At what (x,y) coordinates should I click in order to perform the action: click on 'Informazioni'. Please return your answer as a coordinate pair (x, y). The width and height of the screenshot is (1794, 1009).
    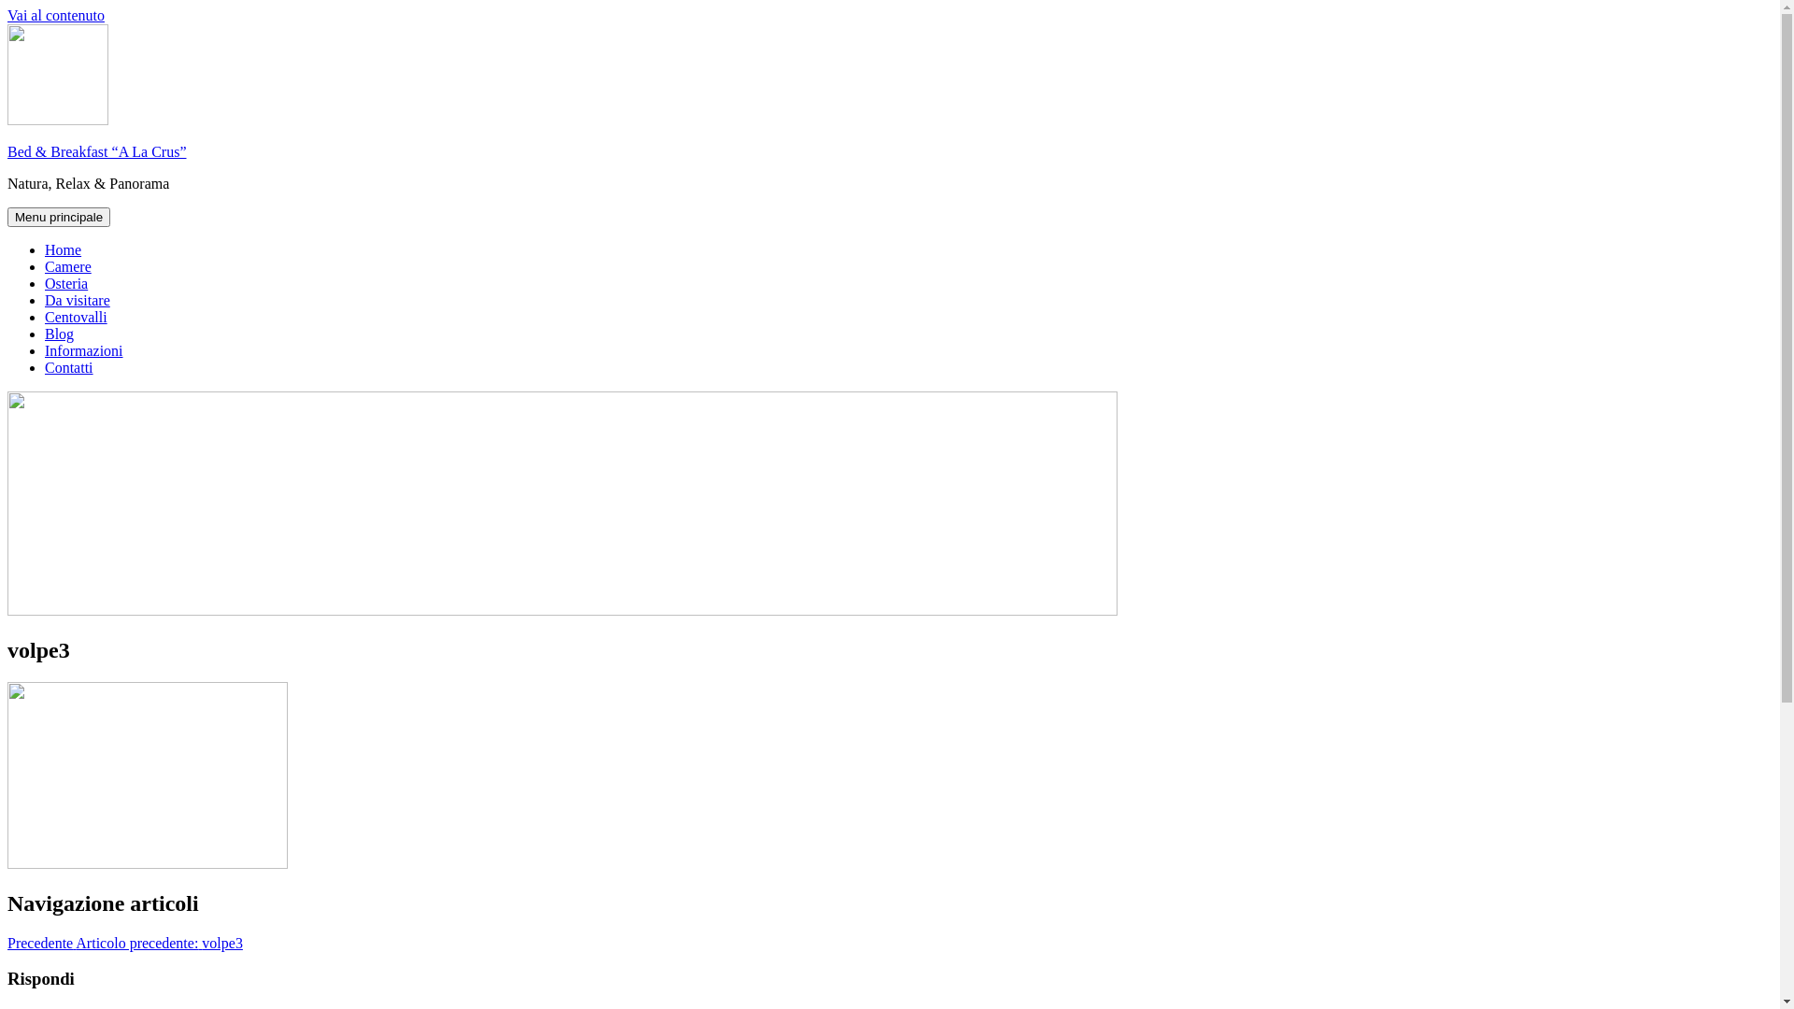
    Looking at the image, I should click on (83, 350).